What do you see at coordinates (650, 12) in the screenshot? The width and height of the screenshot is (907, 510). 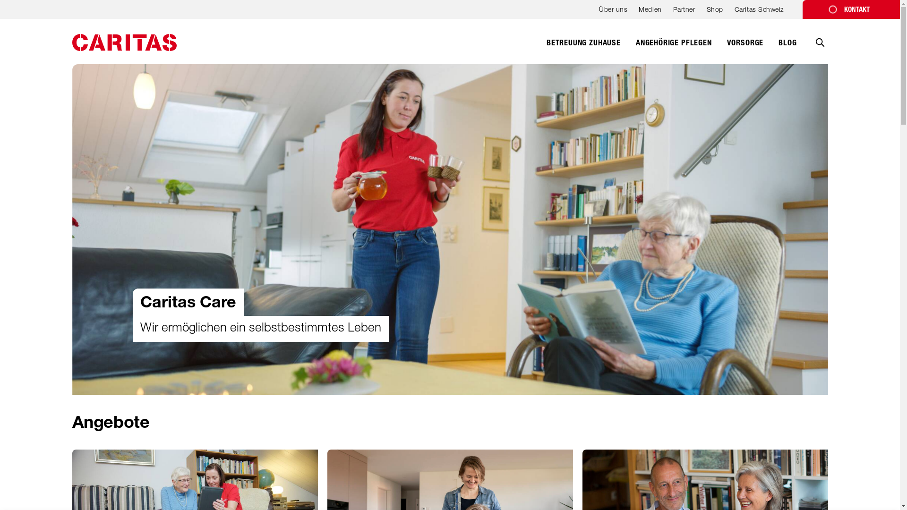 I see `'Medien'` at bounding box center [650, 12].